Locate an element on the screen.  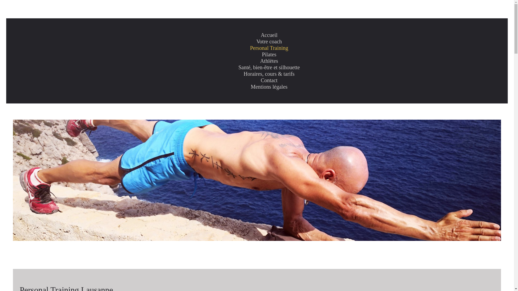
'Accueil' is located at coordinates (269, 35).